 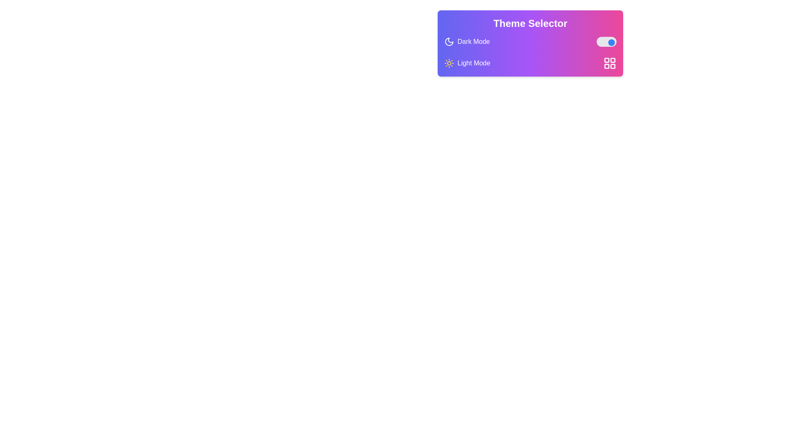 I want to click on the text label for the light mode toggle option in the theme selector interface, so click(x=474, y=63).